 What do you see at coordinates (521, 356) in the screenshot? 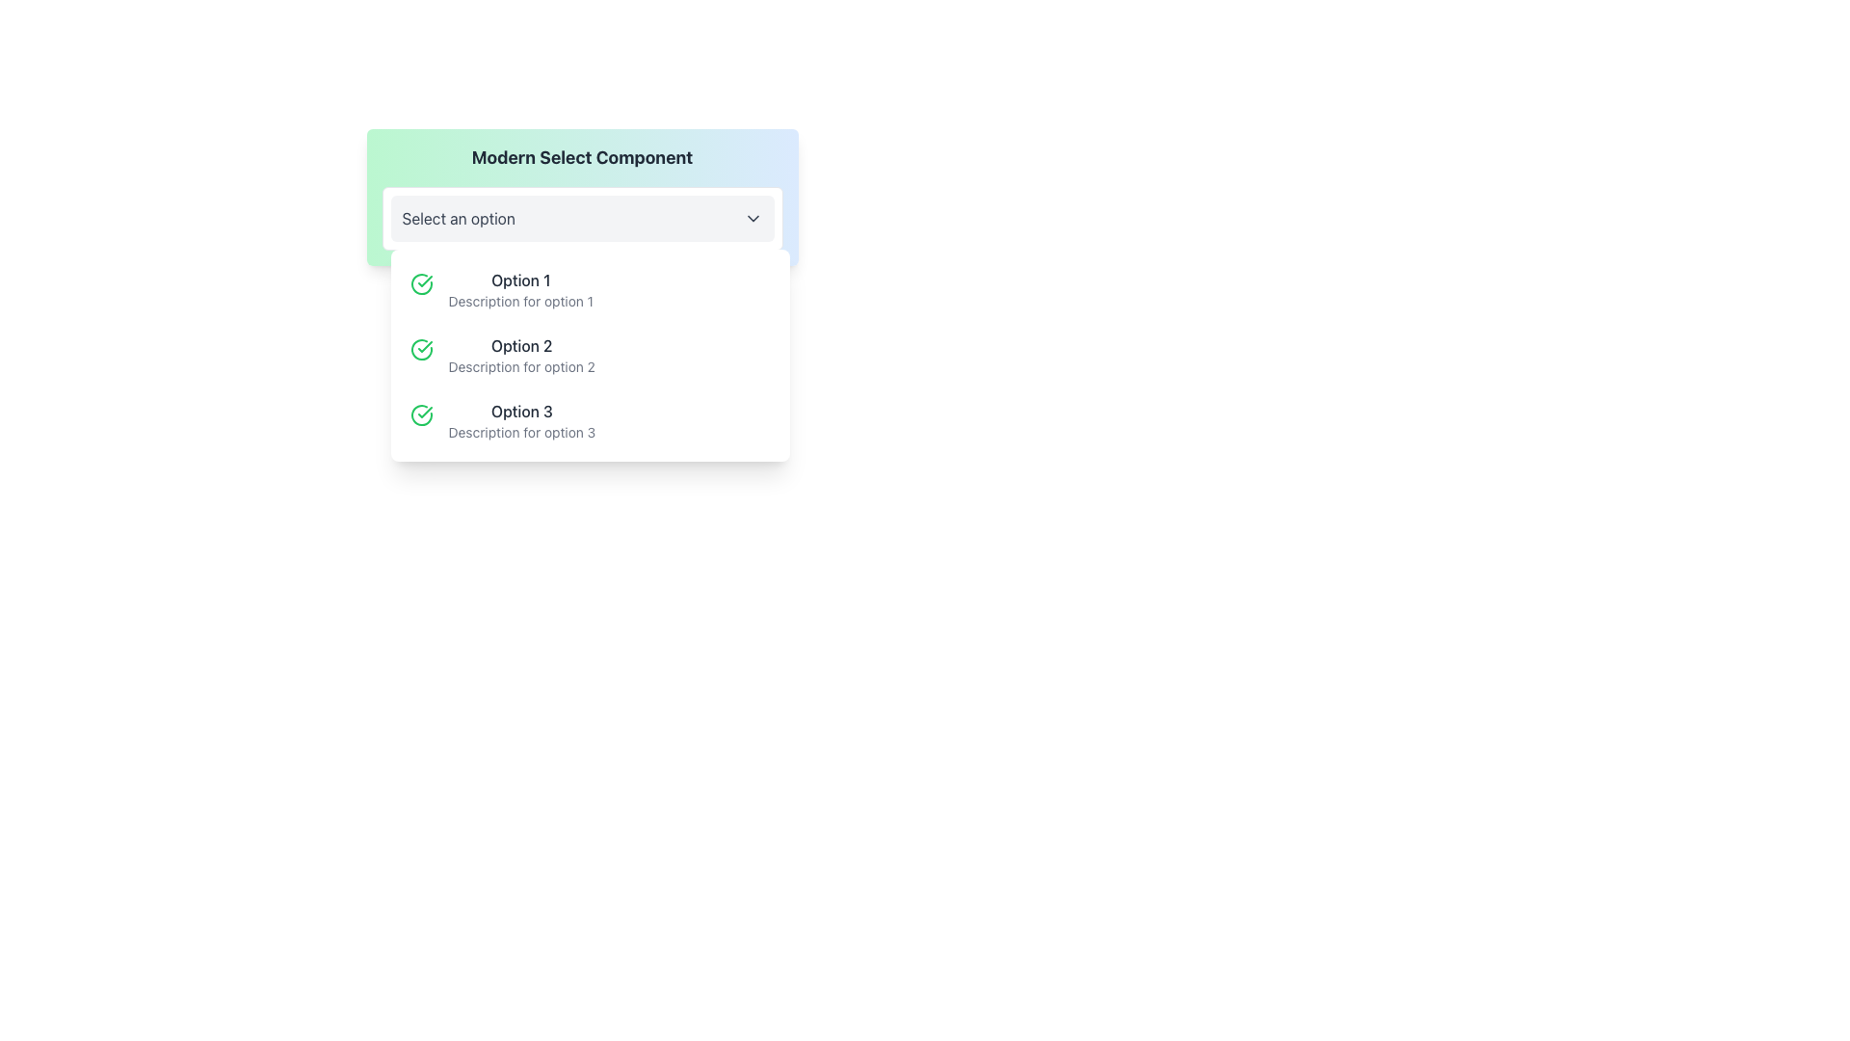
I see `the second selectable list item labeled 'Option 2' in the drop-down menu` at bounding box center [521, 356].